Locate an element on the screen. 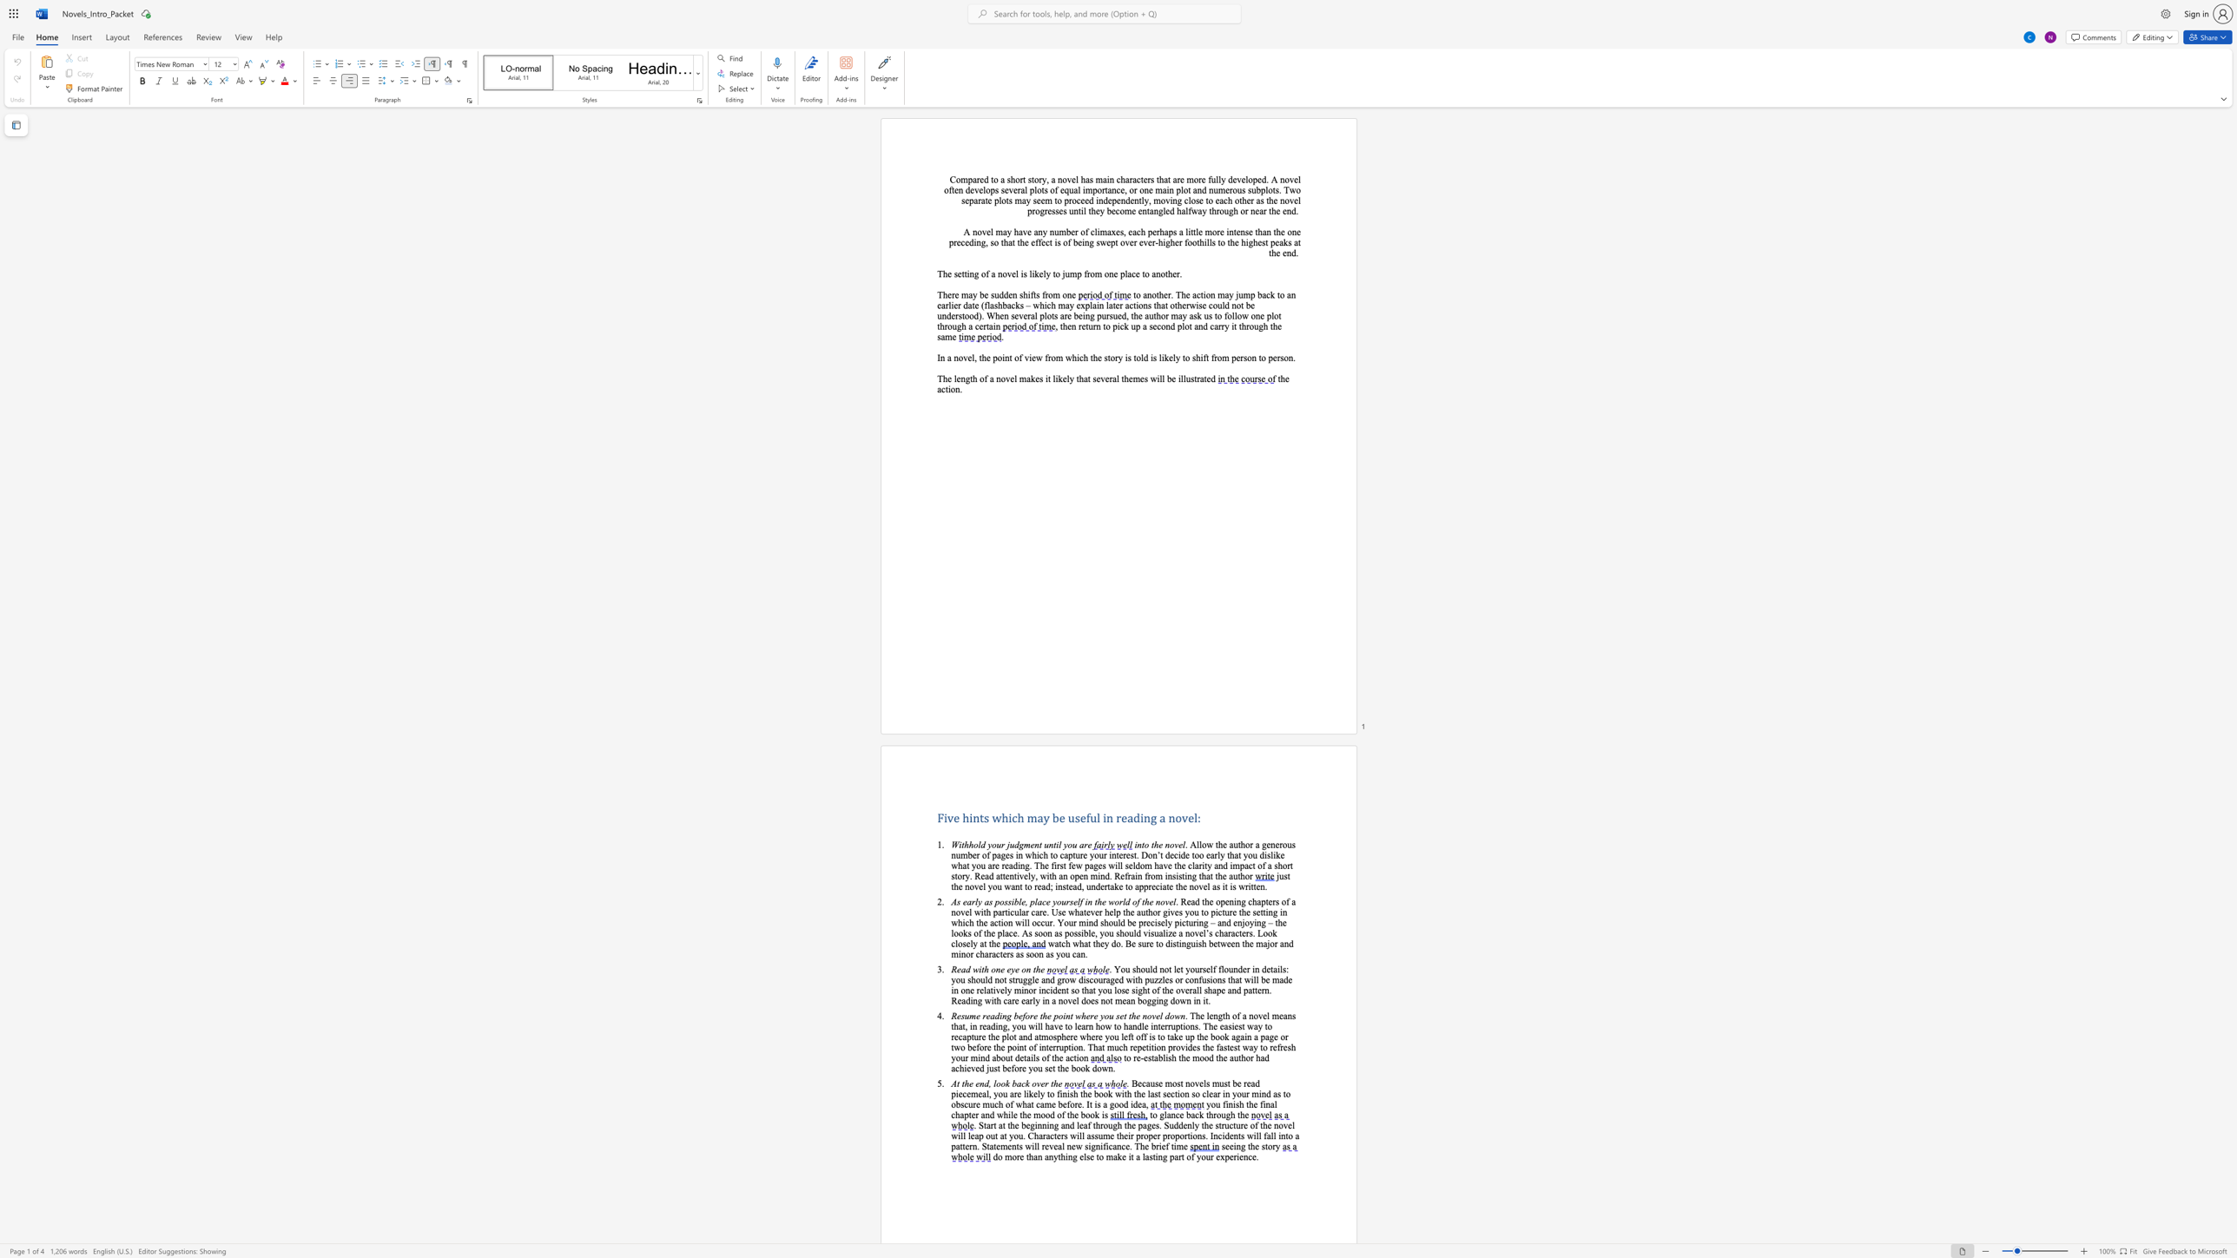 The width and height of the screenshot is (2237, 1258). the subset text "you" within the text "Withhold your judgment until you are" is located at coordinates (1063, 844).